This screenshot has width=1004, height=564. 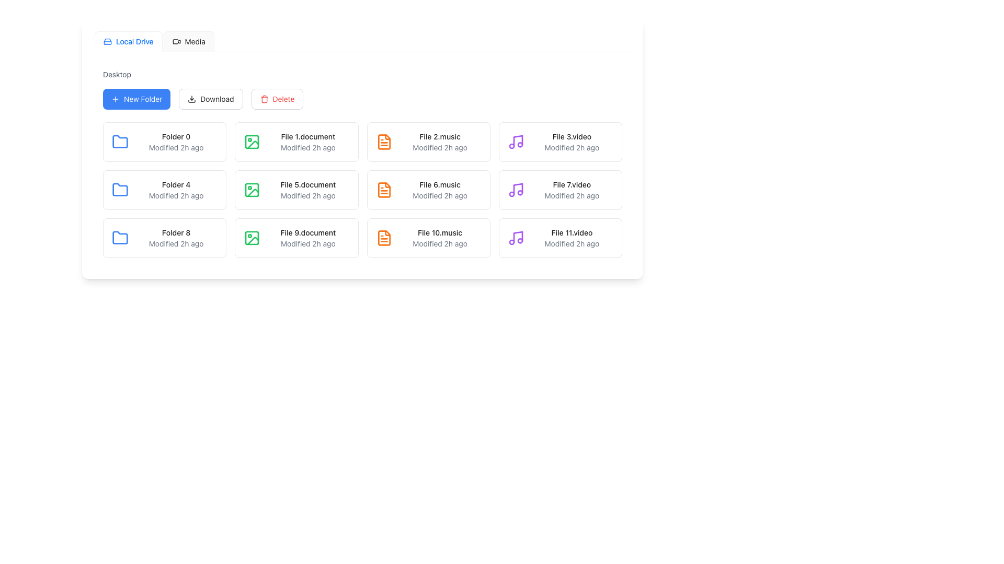 I want to click on the music file icon associated with 'File 7.video' located in the second row and third column of the file grid, so click(x=516, y=190).